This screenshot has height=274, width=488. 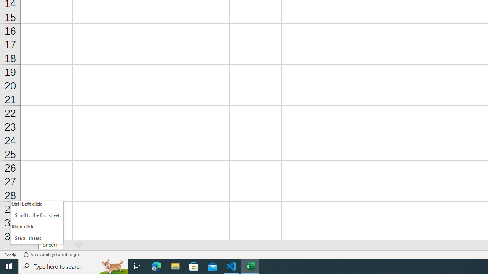 What do you see at coordinates (79, 245) in the screenshot?
I see `'Add Sheet'` at bounding box center [79, 245].